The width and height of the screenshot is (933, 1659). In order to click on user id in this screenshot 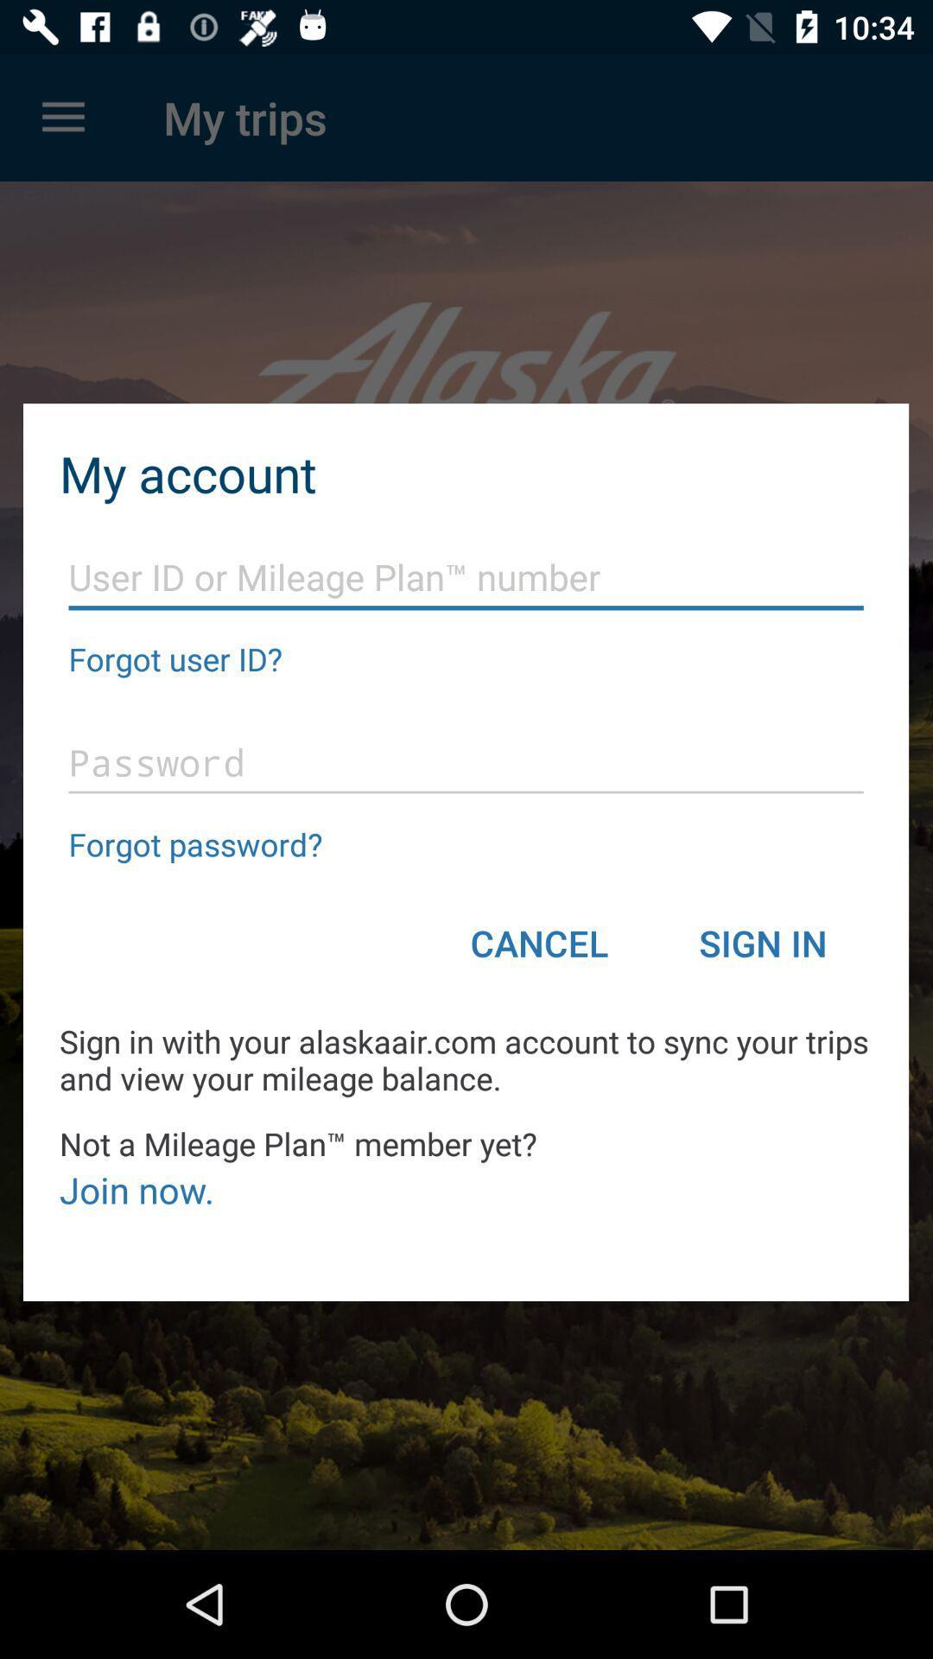, I will do `click(465, 577)`.